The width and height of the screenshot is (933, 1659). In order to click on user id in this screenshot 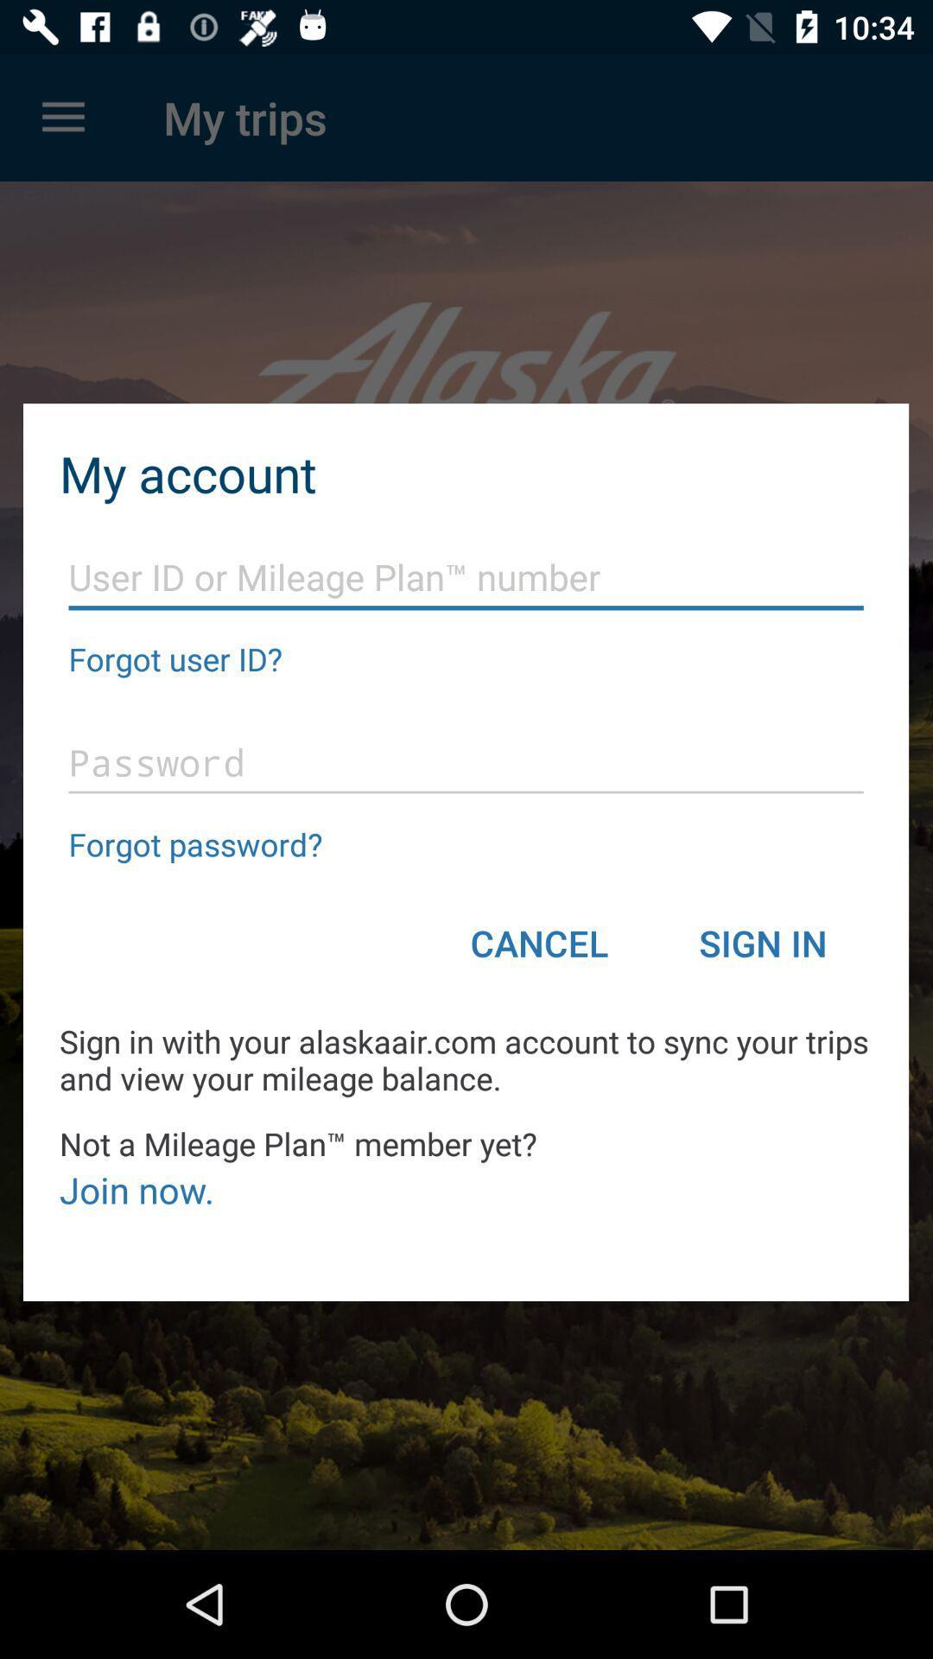, I will do `click(465, 577)`.